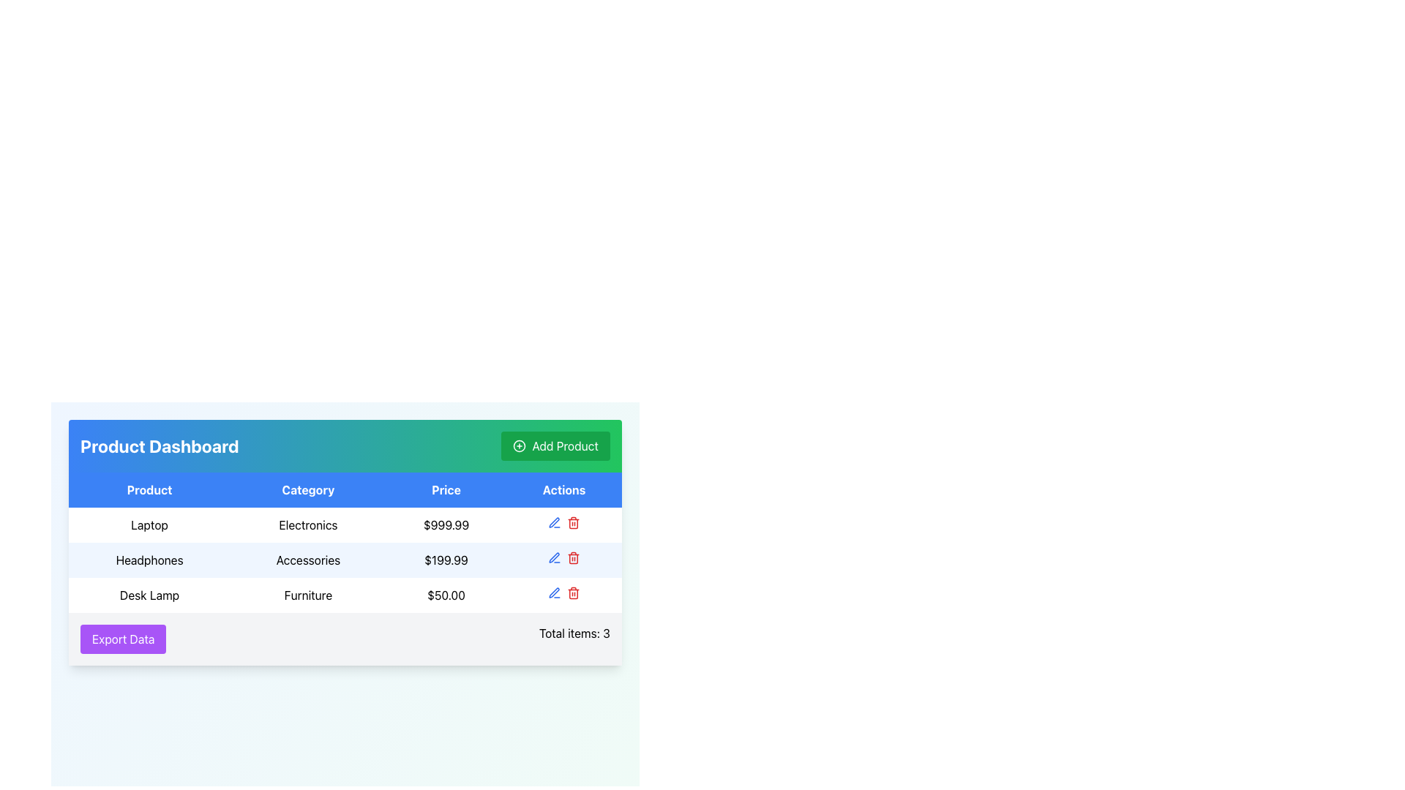  What do you see at coordinates (445, 490) in the screenshot?
I see `the Table Header Label displaying the text 'Price', which is styled with a blue background and white text, located in the header row of a table` at bounding box center [445, 490].